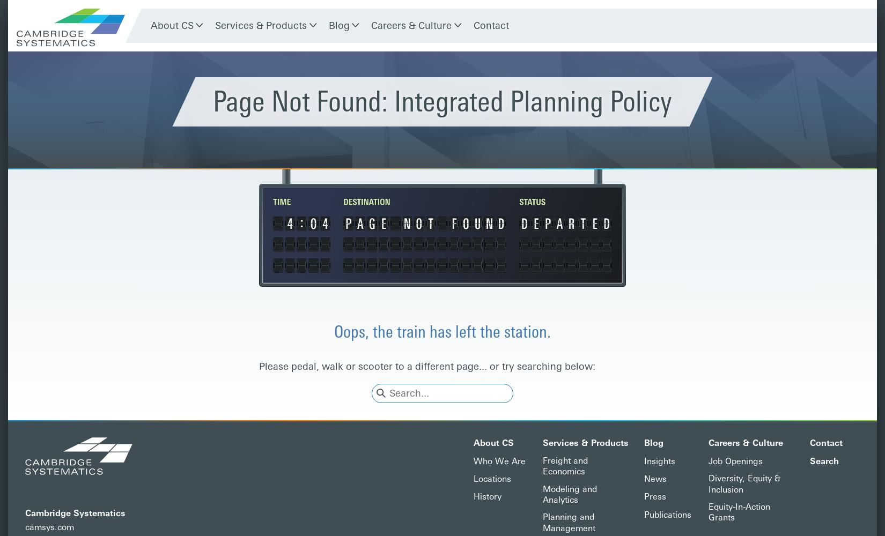 Image resolution: width=885 pixels, height=536 pixels. What do you see at coordinates (644, 513) in the screenshot?
I see `'Publications'` at bounding box center [644, 513].